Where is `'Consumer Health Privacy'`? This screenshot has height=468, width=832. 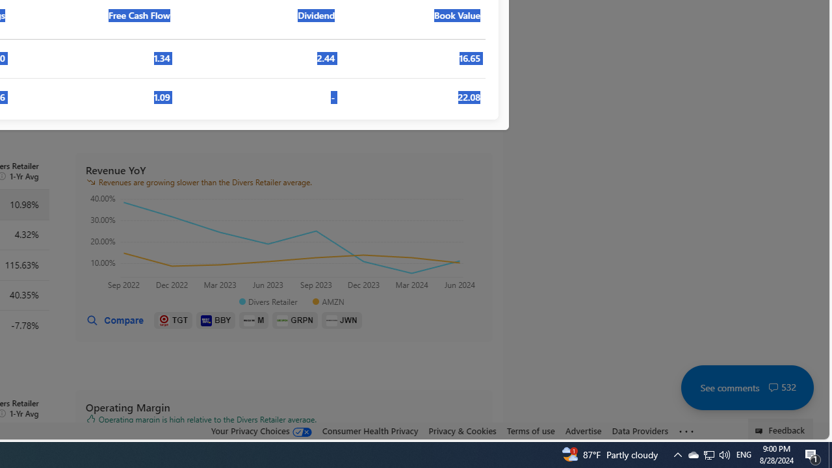 'Consumer Health Privacy' is located at coordinates (369, 430).